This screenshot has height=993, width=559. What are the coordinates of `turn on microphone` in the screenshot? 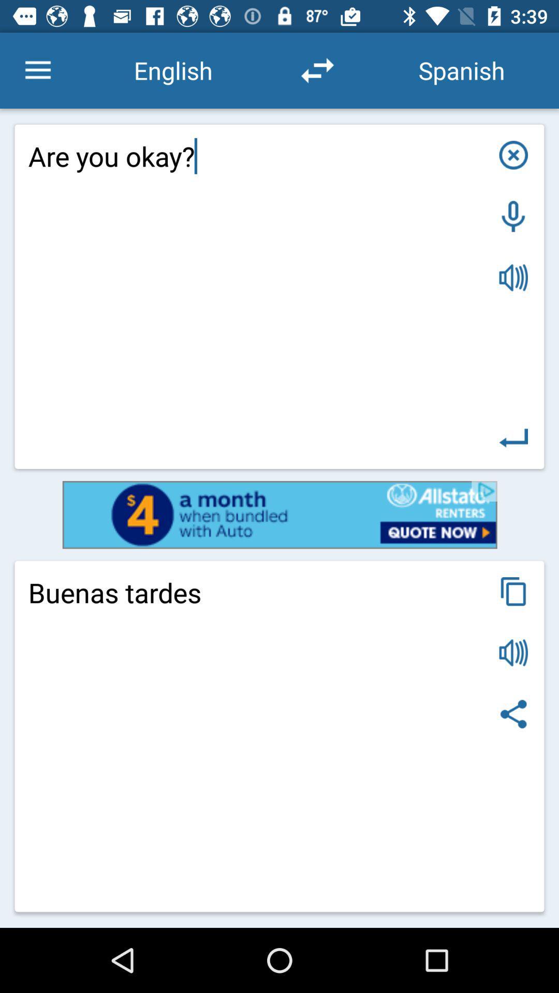 It's located at (513, 216).